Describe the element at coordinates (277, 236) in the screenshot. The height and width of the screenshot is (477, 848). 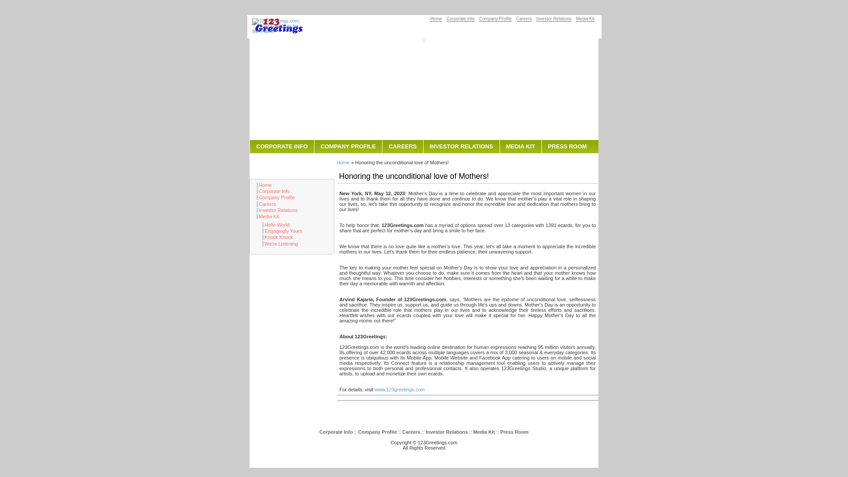
I see `'Knock Knock'` at that location.